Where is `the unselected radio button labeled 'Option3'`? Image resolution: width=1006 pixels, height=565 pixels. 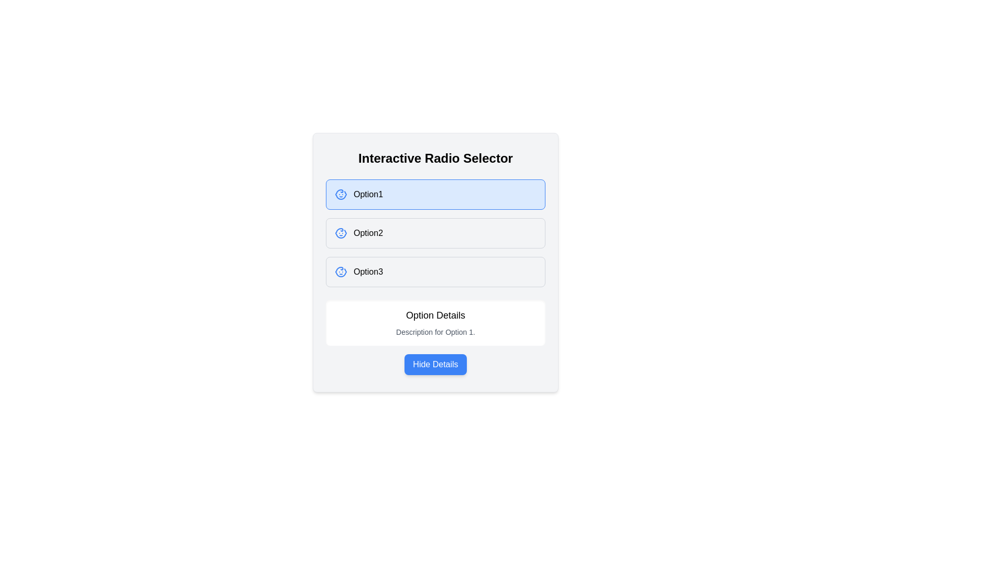
the unselected radio button labeled 'Option3' is located at coordinates (435, 272).